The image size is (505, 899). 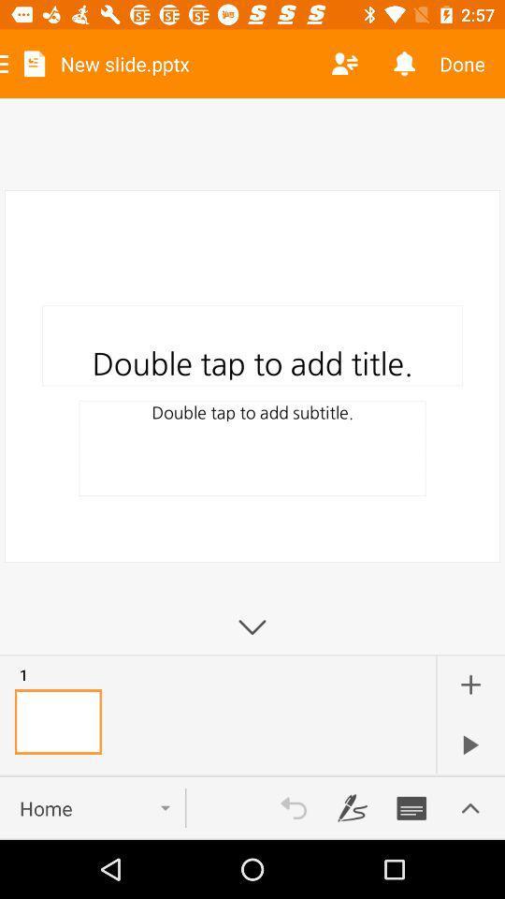 I want to click on previous, so click(x=294, y=807).